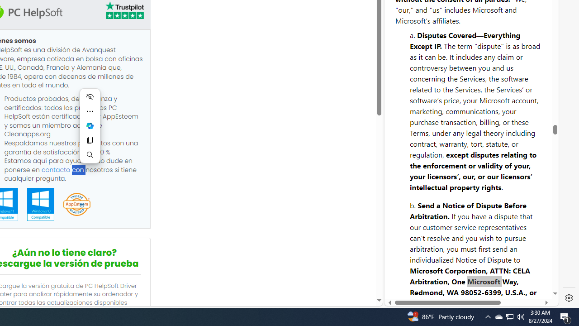 The image size is (579, 326). Describe the element at coordinates (40, 204) in the screenshot. I see `'Windows 10 Compatible'` at that location.